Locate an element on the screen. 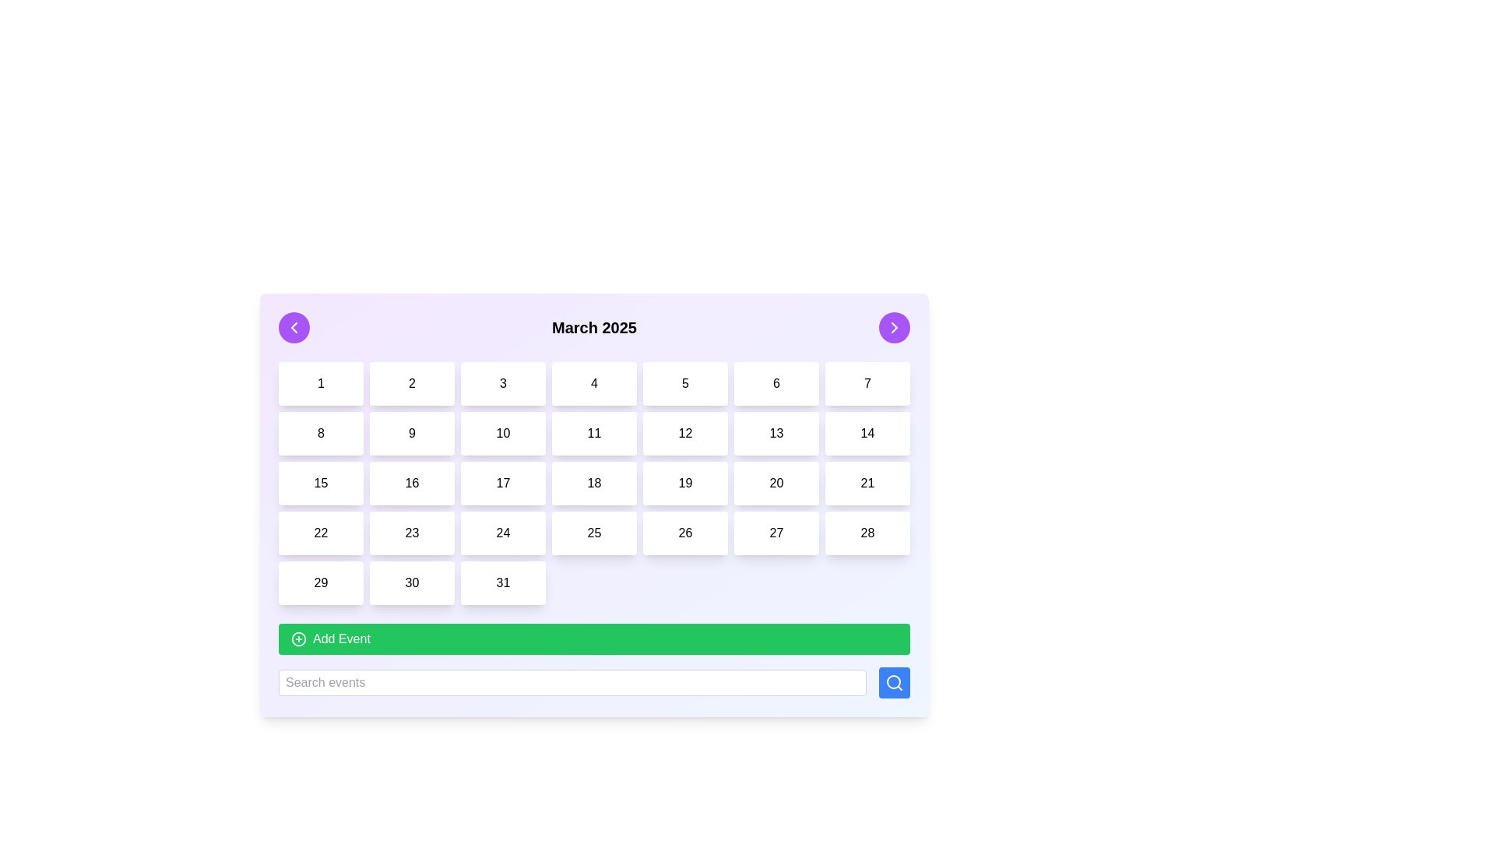 The image size is (1495, 841). the blue search magnifying glass icon button located at the bottom-right corner of the calendar interface to initiate a search is located at coordinates (894, 681).